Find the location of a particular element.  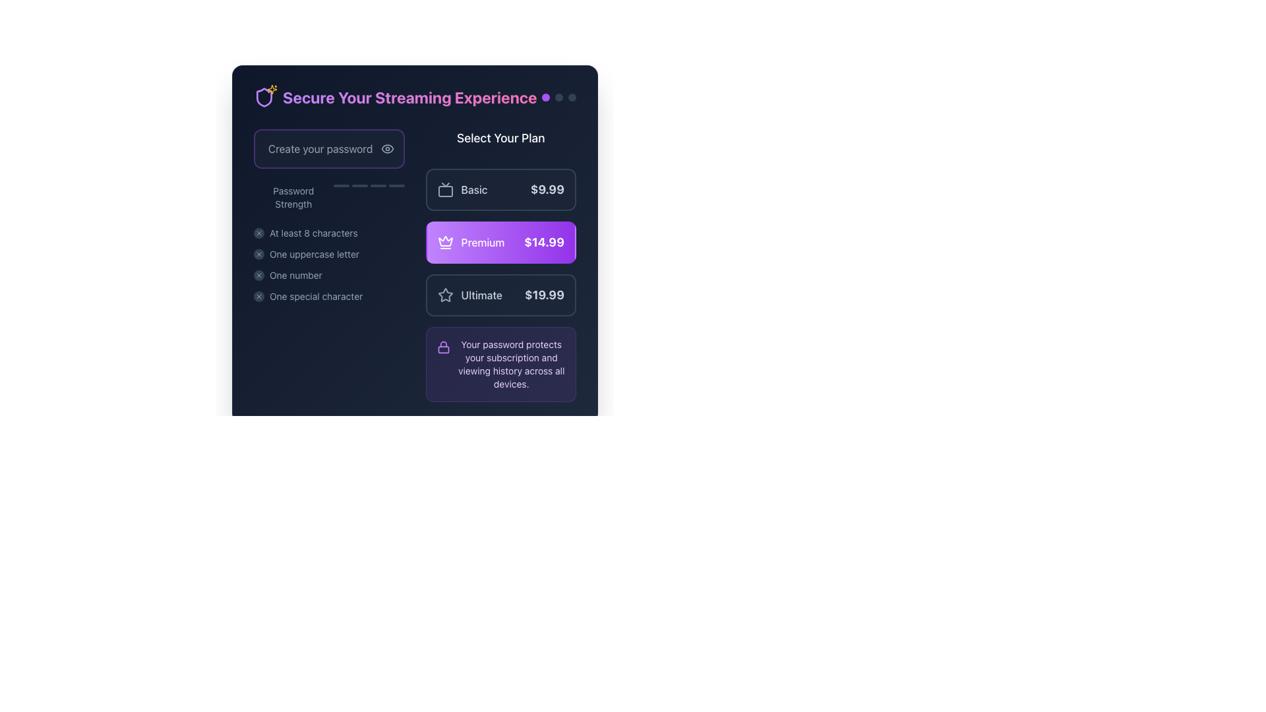

the informative text block about password protection, which features a purple lock icon and is located in the lower-right area of the interface is located at coordinates (500, 364).